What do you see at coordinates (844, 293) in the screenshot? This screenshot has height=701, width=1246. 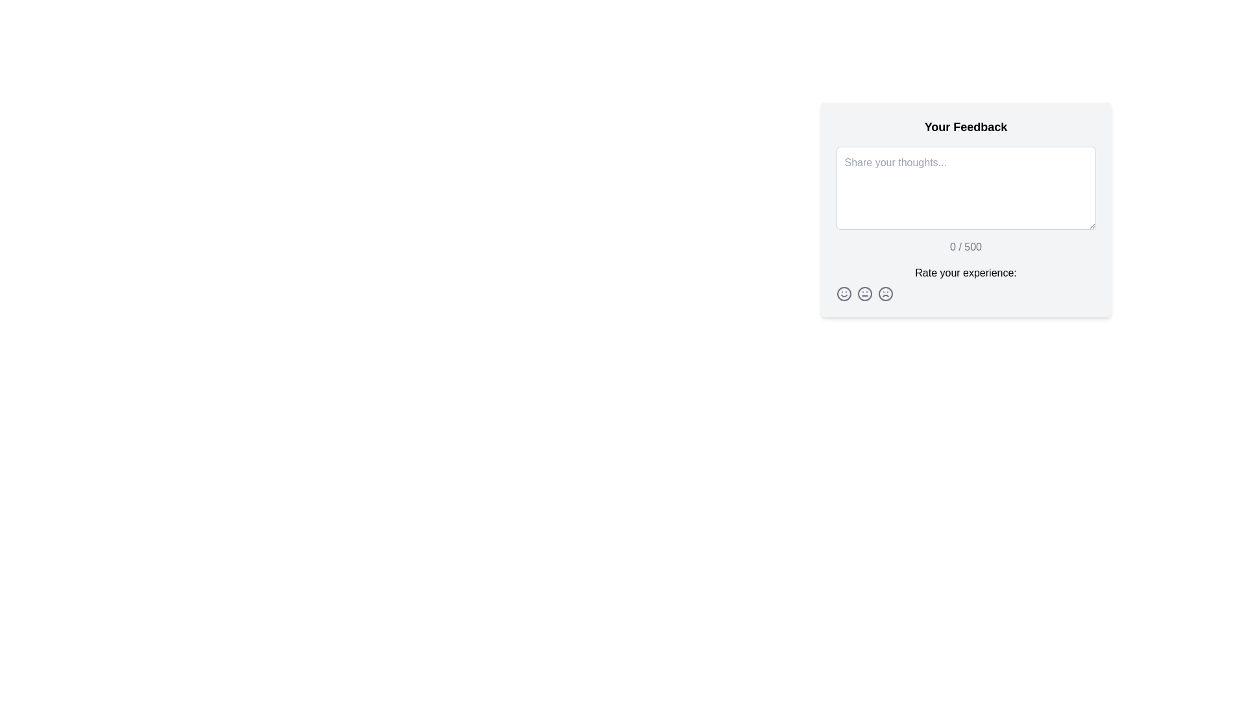 I see `properties of the interactive circular SVG shape that is the central part of the smiley icon located at the bottom-left corner of the feedback section` at bounding box center [844, 293].